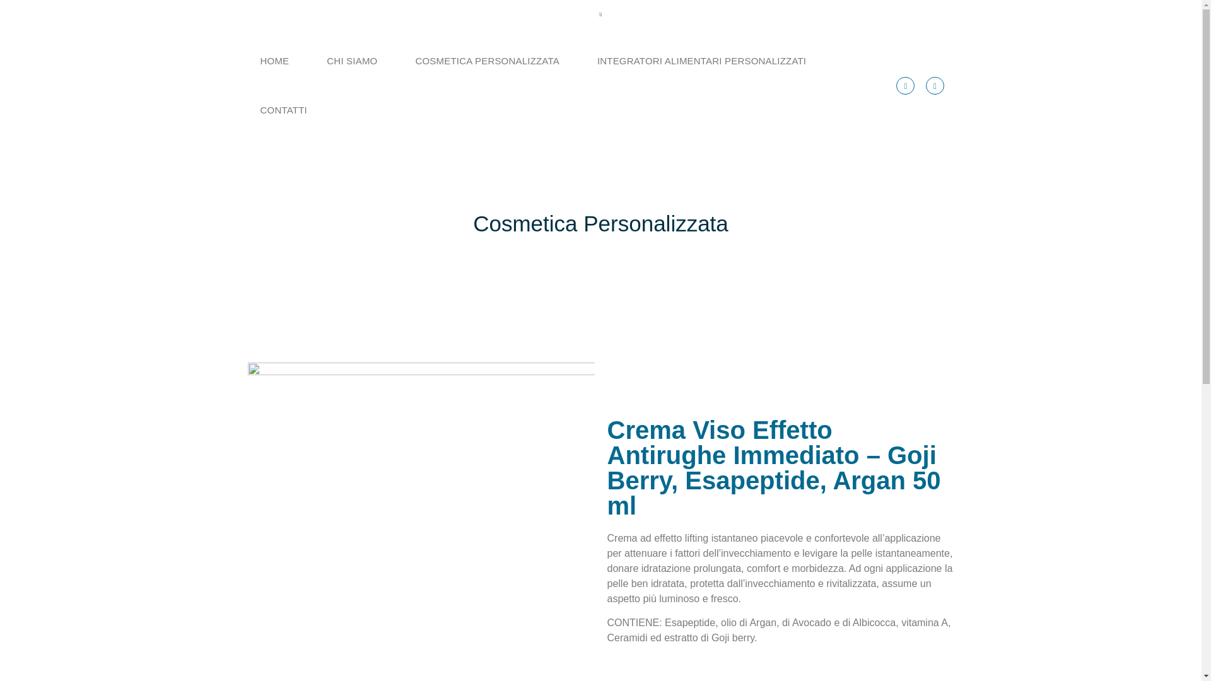 The image size is (1211, 681). What do you see at coordinates (701, 61) in the screenshot?
I see `'INTEGRATORI ALIMENTARI PERSONALIZZATI'` at bounding box center [701, 61].